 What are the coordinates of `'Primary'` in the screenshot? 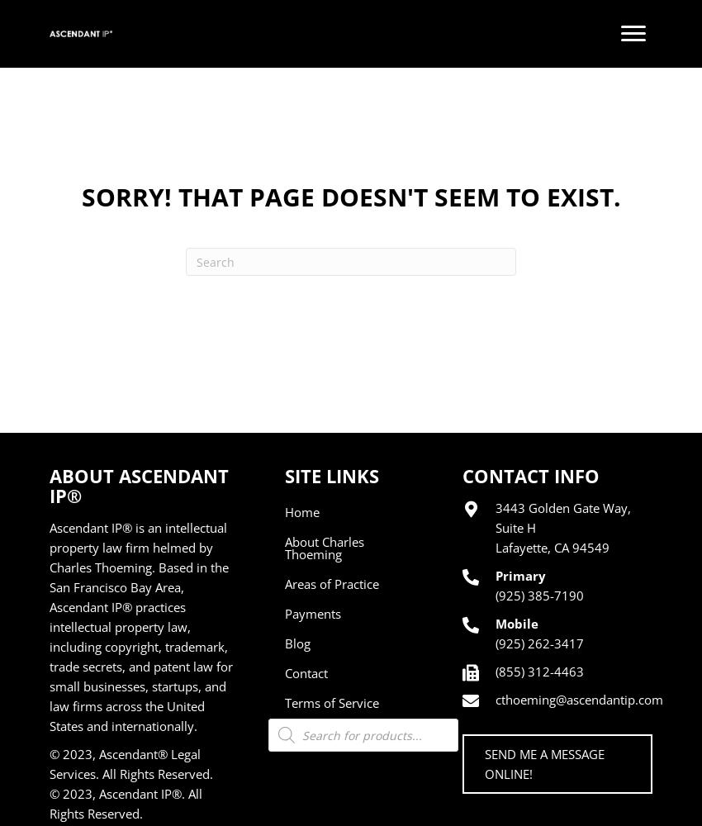 It's located at (519, 575).